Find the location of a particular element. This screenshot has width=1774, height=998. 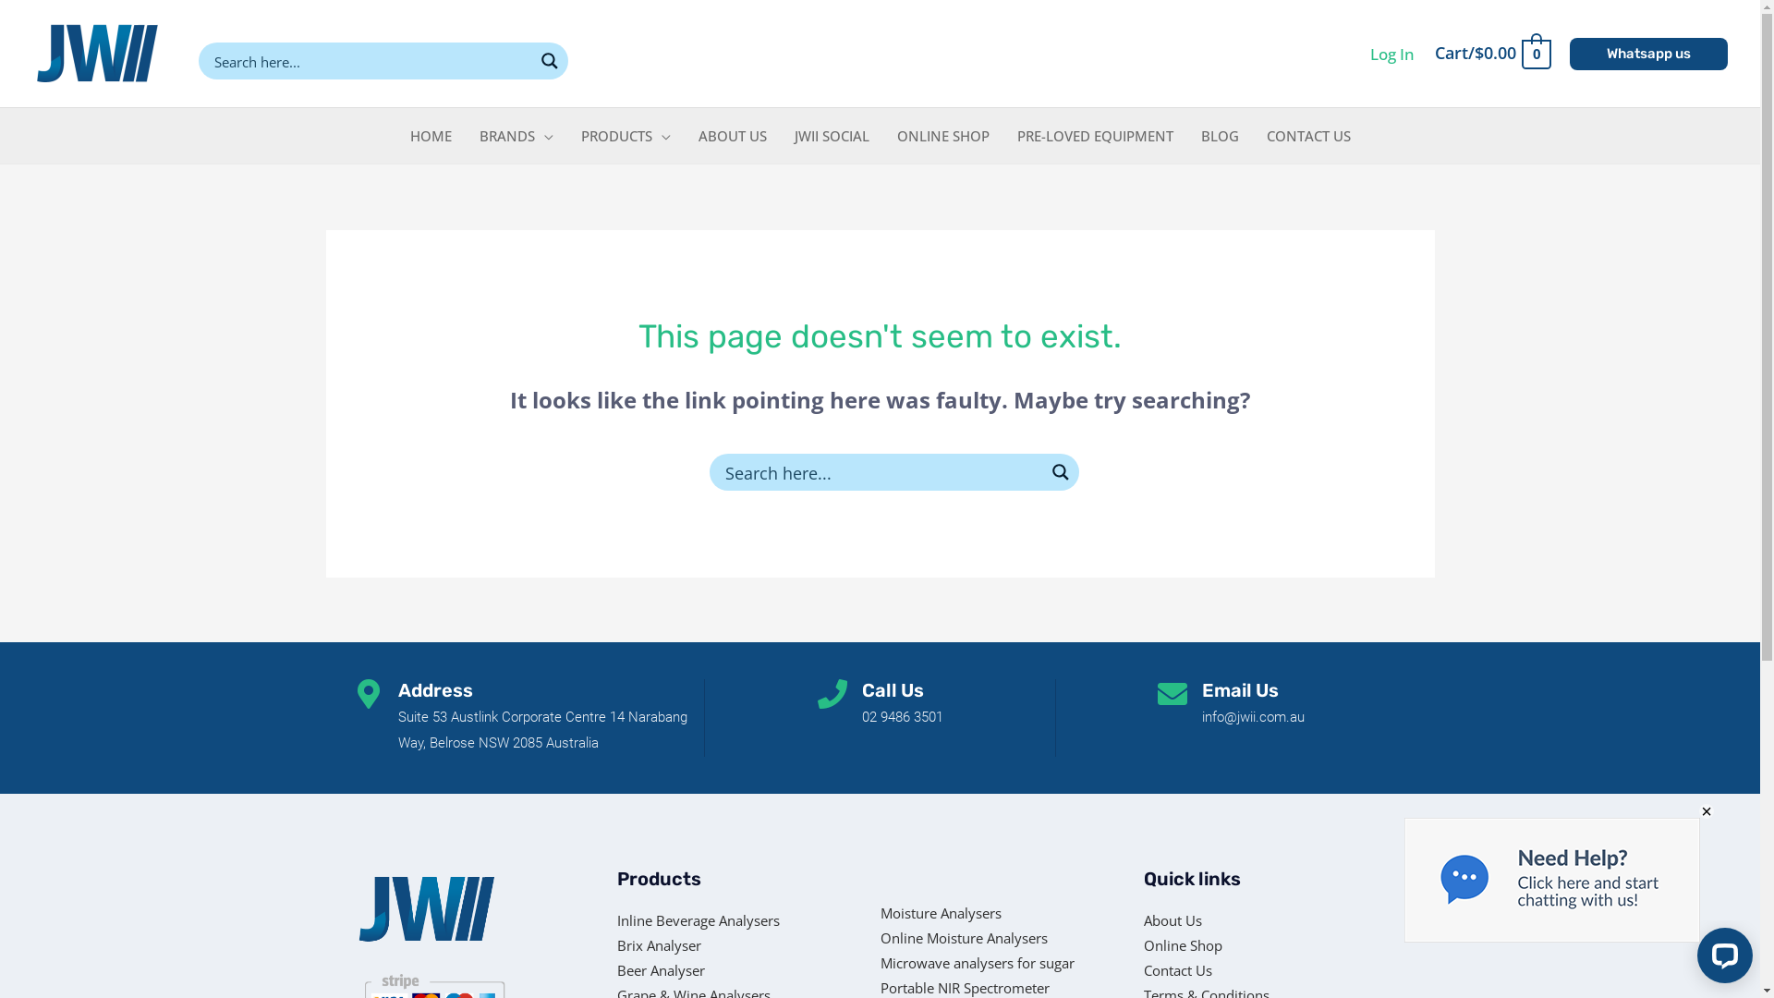

'Cart/$0.00 is located at coordinates (1491, 52).